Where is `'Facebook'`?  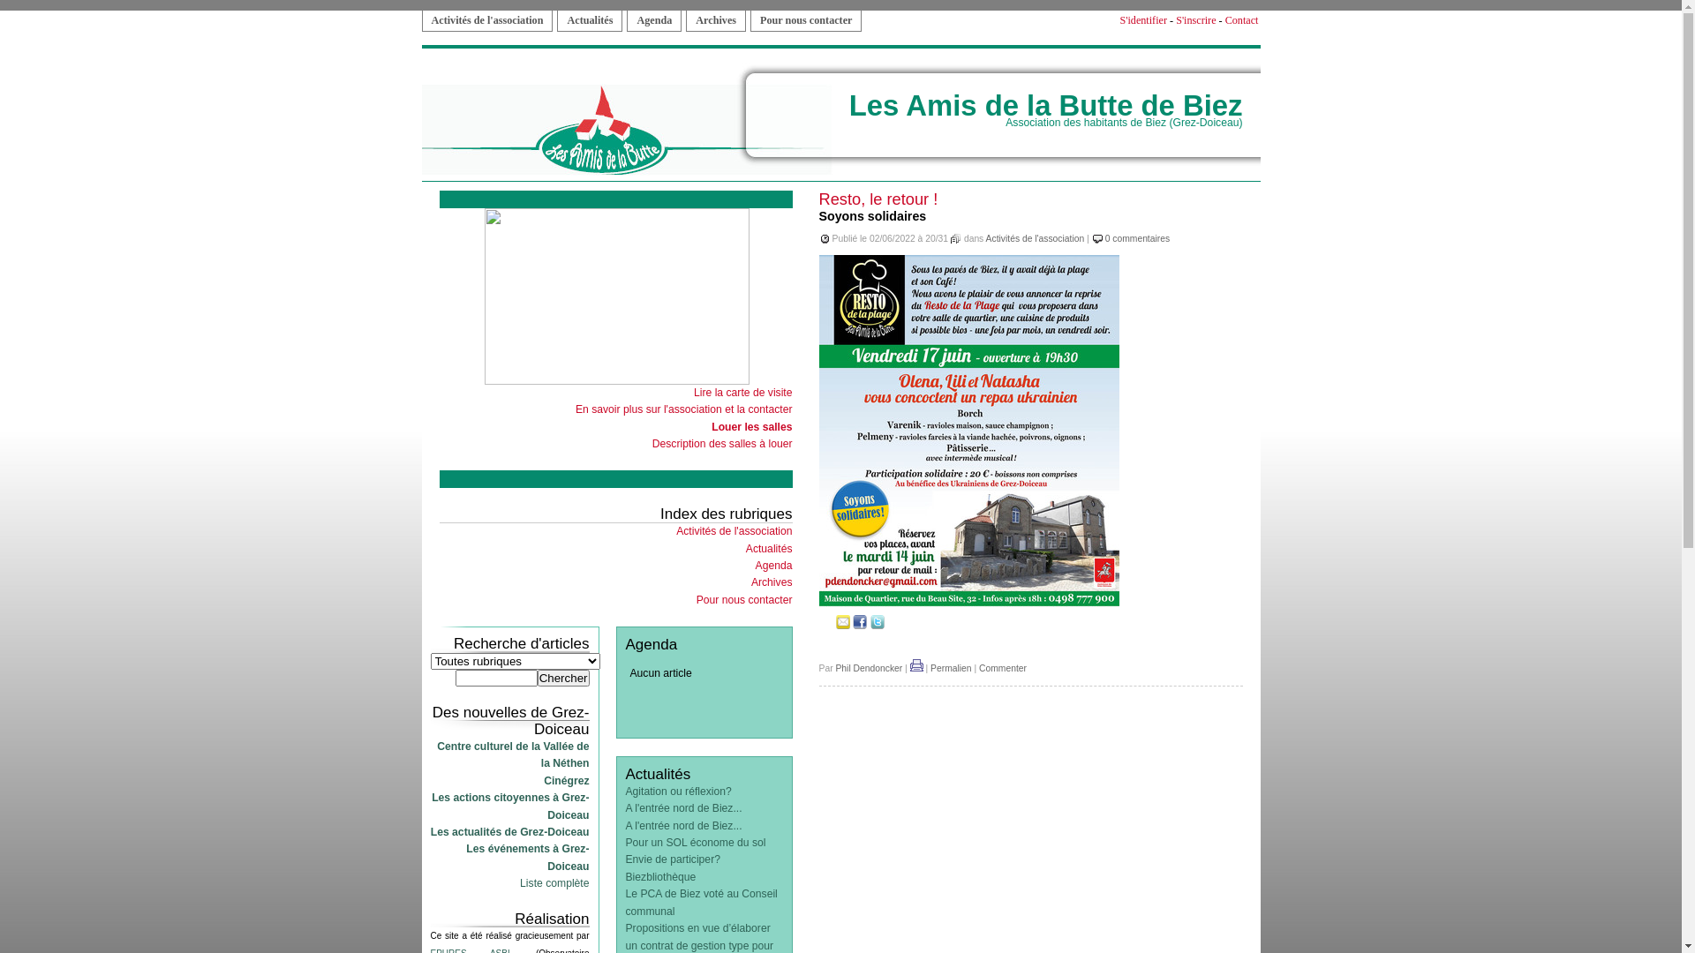 'Facebook' is located at coordinates (860, 625).